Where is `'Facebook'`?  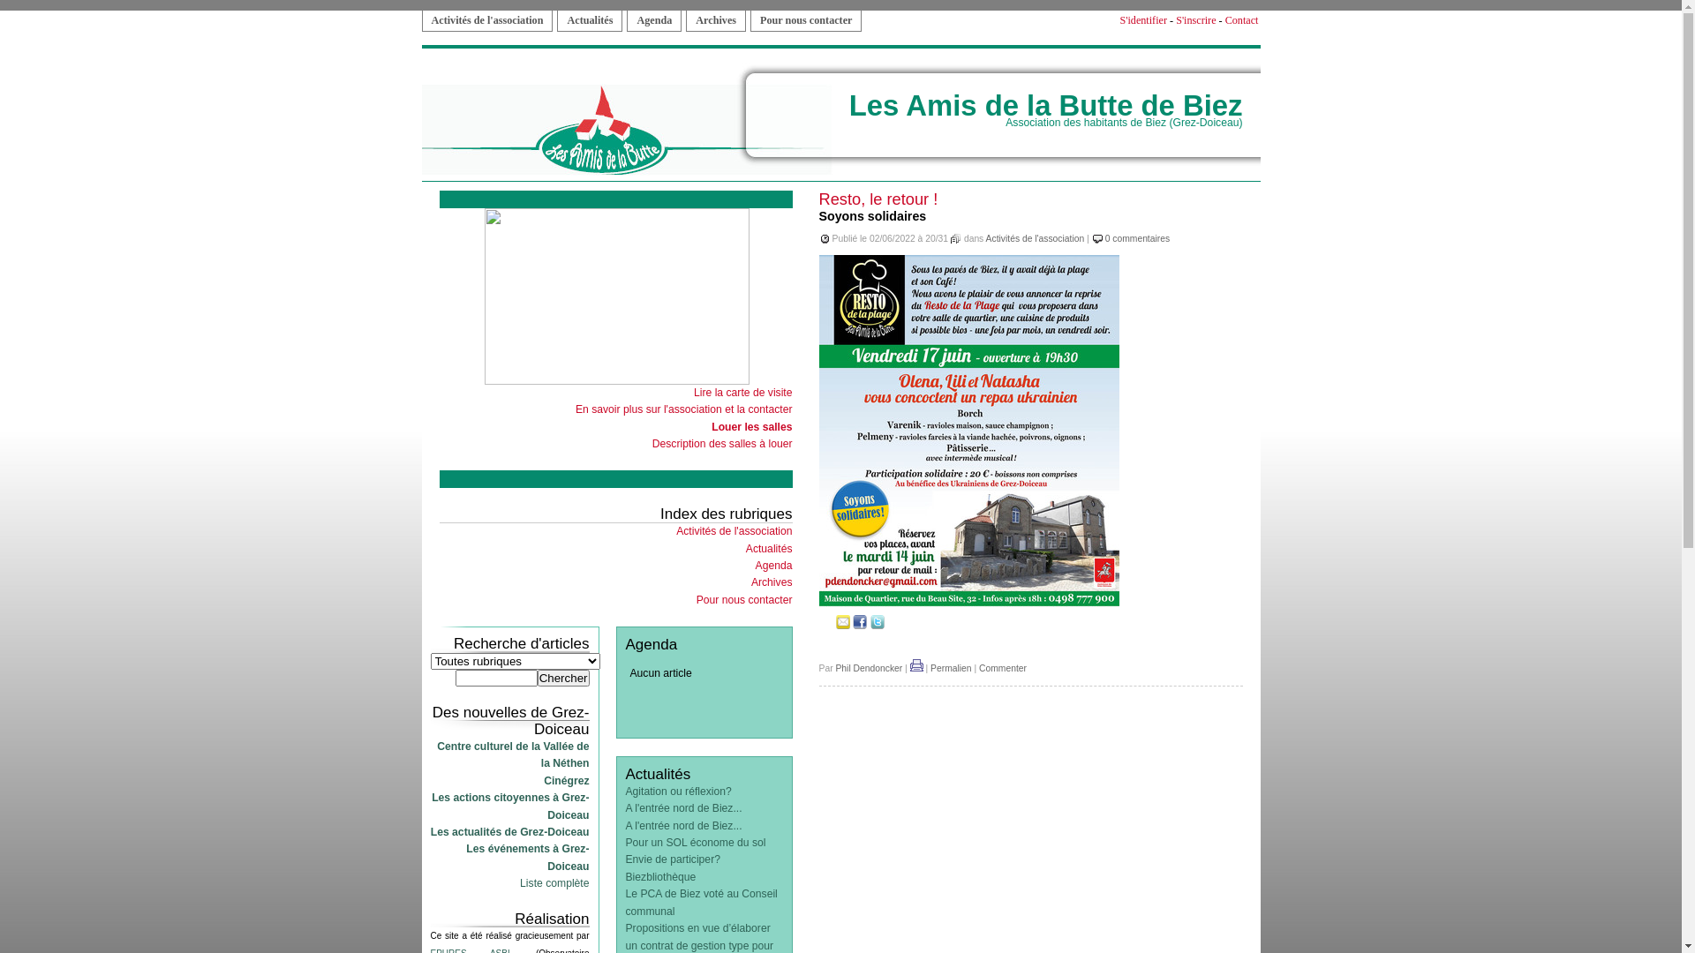 'Facebook' is located at coordinates (860, 625).